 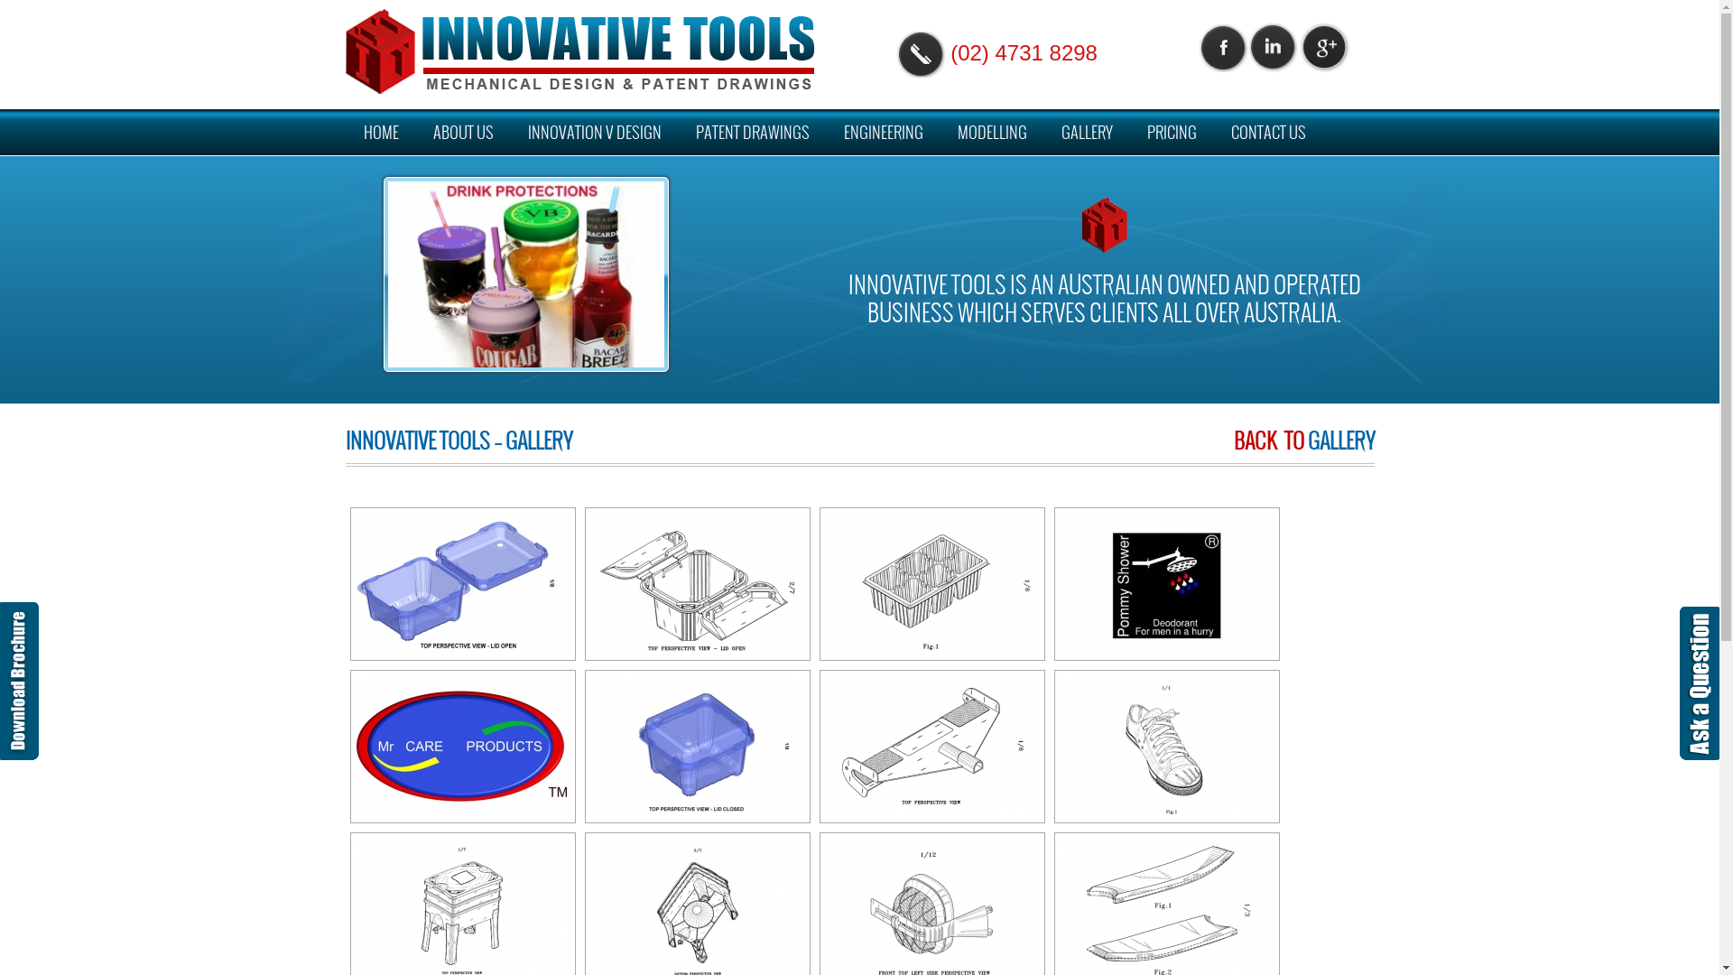 What do you see at coordinates (883, 131) in the screenshot?
I see `'ENGINEERING'` at bounding box center [883, 131].